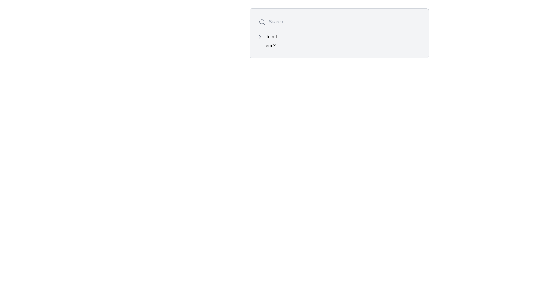 This screenshot has height=301, width=536. I want to click on the SVG Circle Graphic that represents the magnifying glass part of the search icon, located at the top-left corner of the UI card, so click(261, 21).